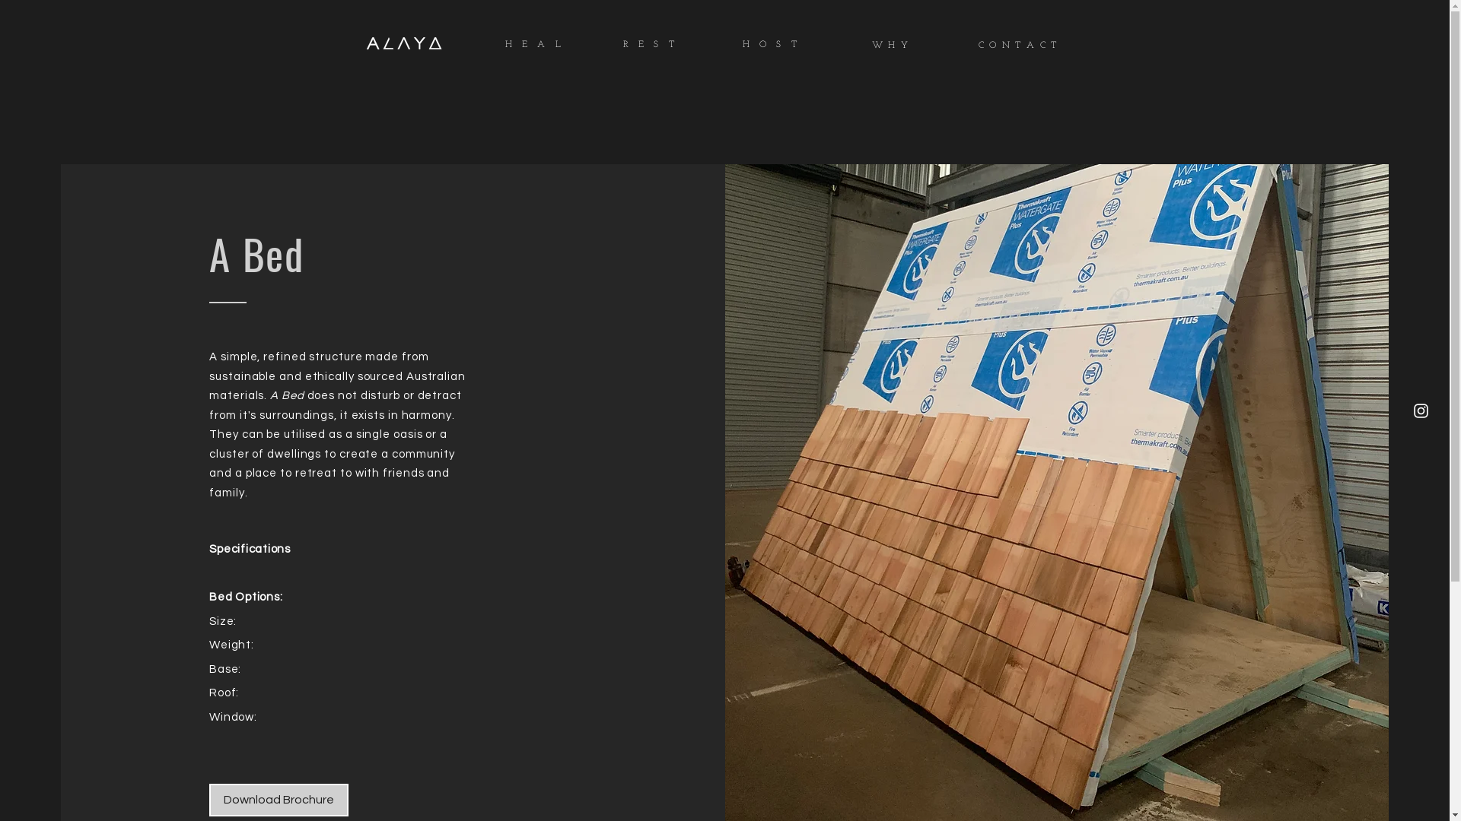  What do you see at coordinates (872, 43) in the screenshot?
I see `'W H Y'` at bounding box center [872, 43].